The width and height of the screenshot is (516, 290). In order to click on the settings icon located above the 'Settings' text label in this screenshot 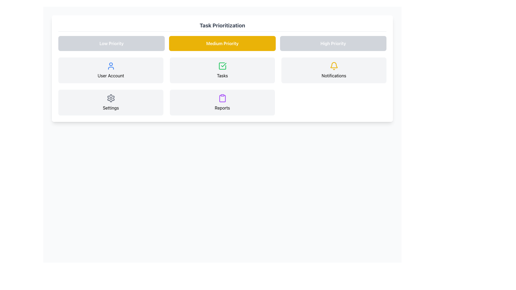, I will do `click(110, 98)`.